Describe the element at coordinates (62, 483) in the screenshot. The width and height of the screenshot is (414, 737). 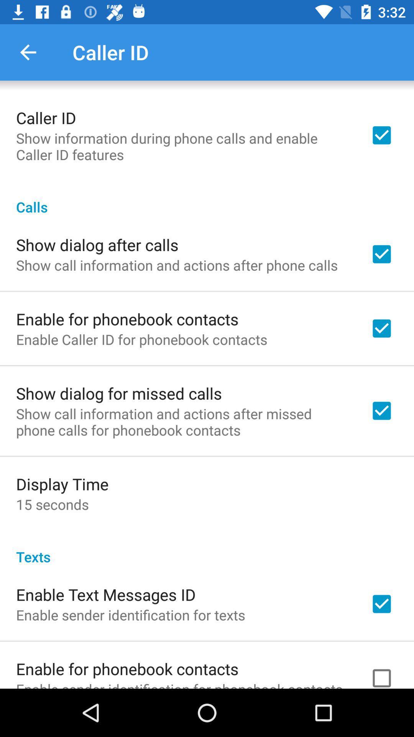
I see `icon above 15 seconds icon` at that location.